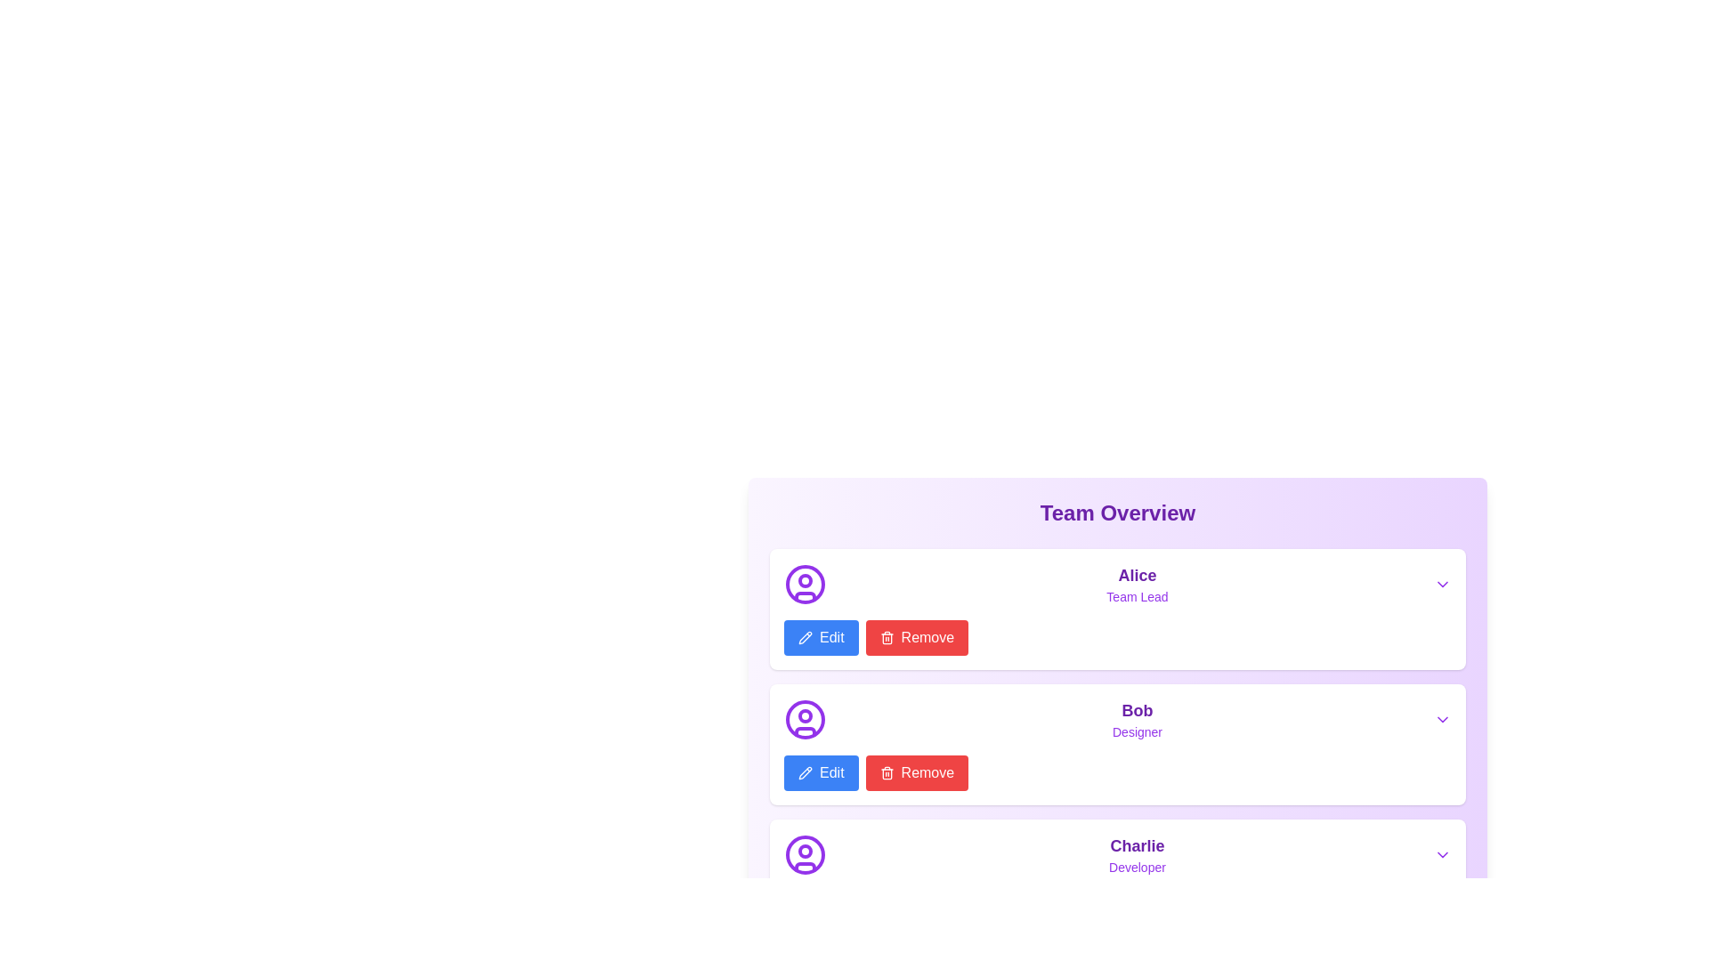 This screenshot has height=961, width=1709. Describe the element at coordinates (820, 637) in the screenshot. I see `the 'Edit' button located to the left of the 'Remove' button in the user card associated with 'Alice' to initiate an edit action` at that location.